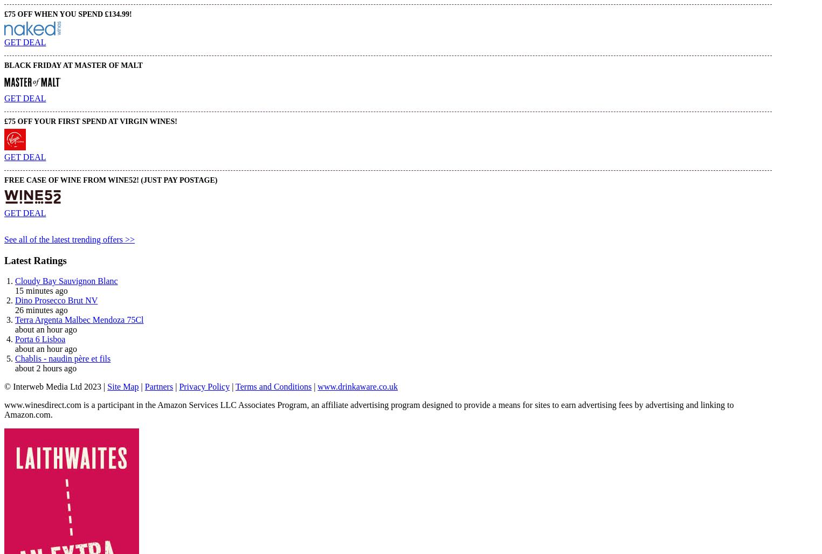 The image size is (822, 554). Describe the element at coordinates (369, 409) in the screenshot. I see `'www.winesdirect.com ﻿﻿is a participant in the Amazon Services LLC Associates Program, an affiliate advertising program designed to provide a means for sites to earn advertising fees by advertising and linking to Amazon.com.'` at that location.